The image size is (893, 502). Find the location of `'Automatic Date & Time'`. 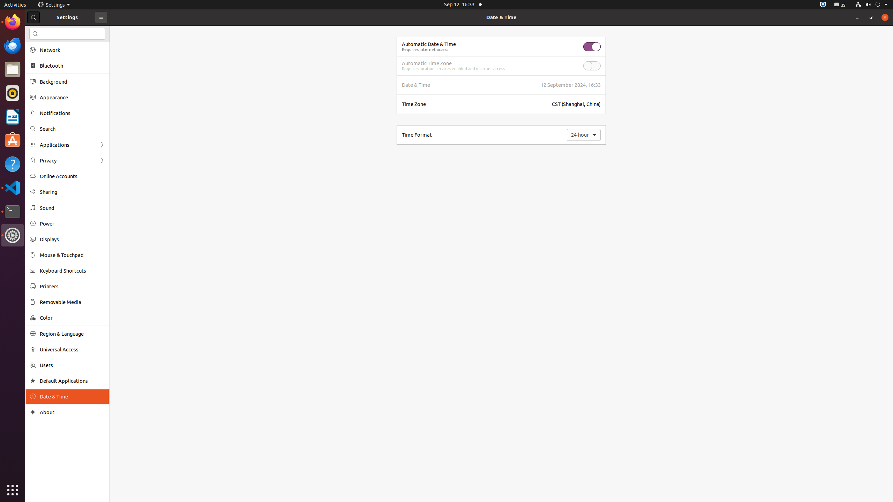

'Automatic Date & Time' is located at coordinates (428, 44).